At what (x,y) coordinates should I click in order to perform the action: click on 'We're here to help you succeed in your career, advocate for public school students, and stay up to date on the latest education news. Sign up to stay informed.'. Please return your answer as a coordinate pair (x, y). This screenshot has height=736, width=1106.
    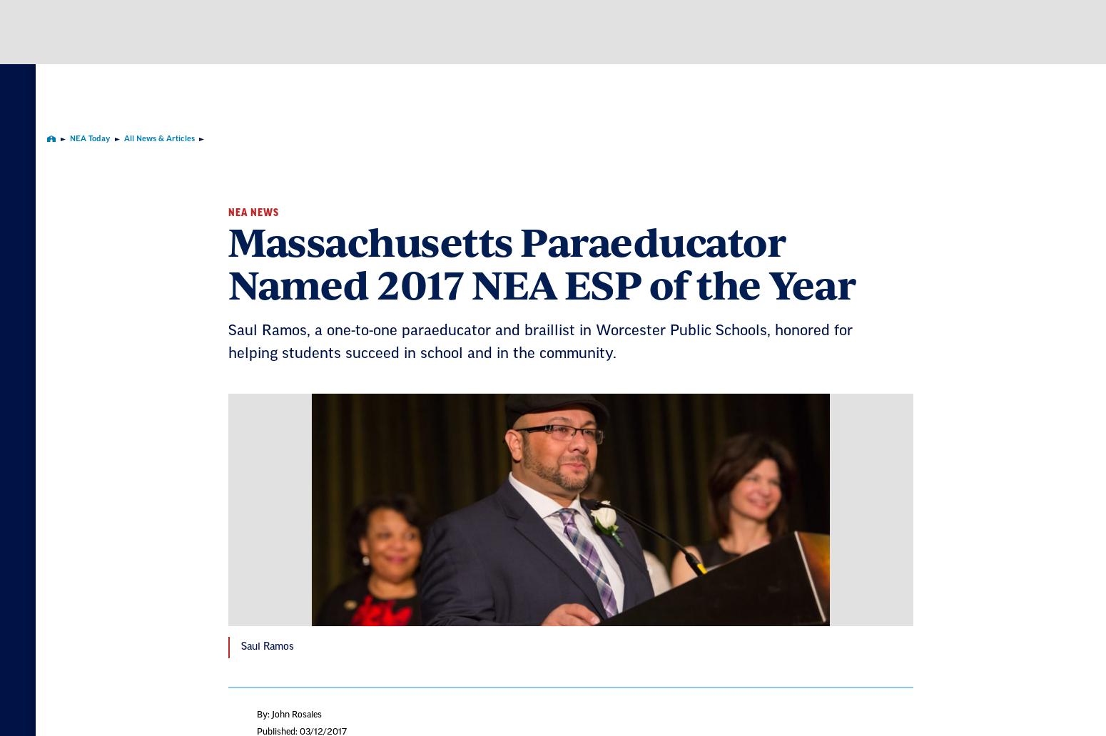
    Looking at the image, I should click on (670, 601).